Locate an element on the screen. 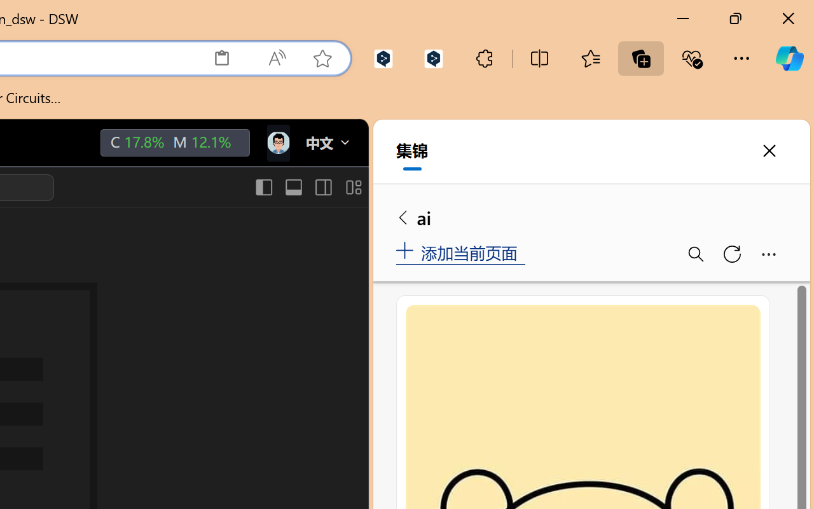 The width and height of the screenshot is (814, 509). 'Class: next-menu next-hoz widgets--iconMenu--BFkiHRM' is located at coordinates (277, 143).